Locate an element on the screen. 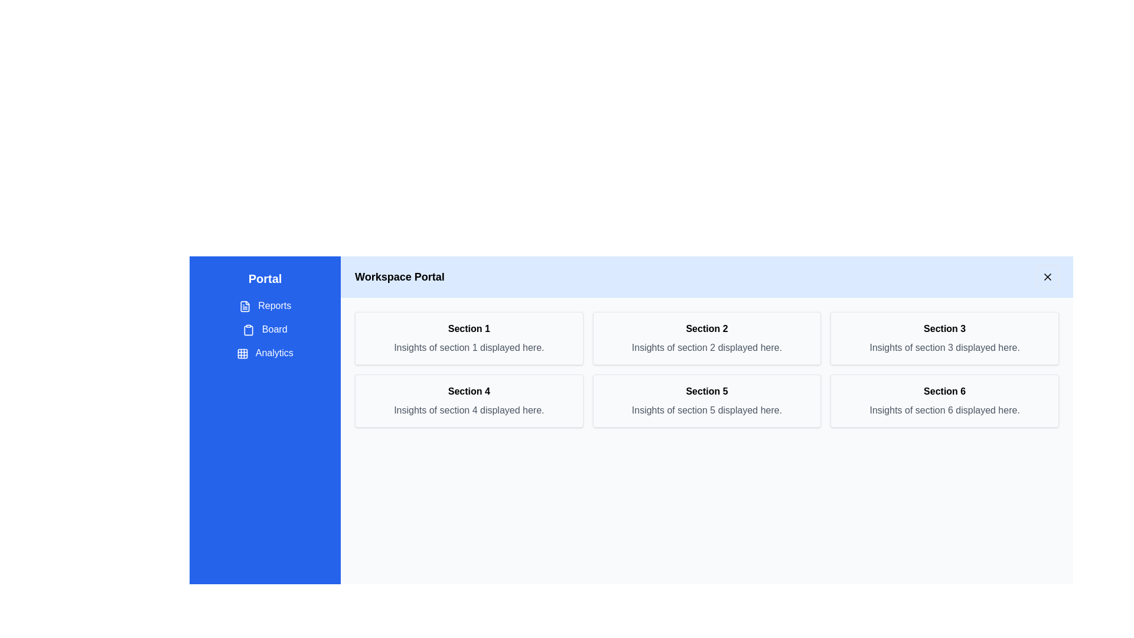  the text element that contains 'Insights of section 5 displayed here.' in a gray font, which is located in the card labeled 'Section 5' is located at coordinates (706, 409).